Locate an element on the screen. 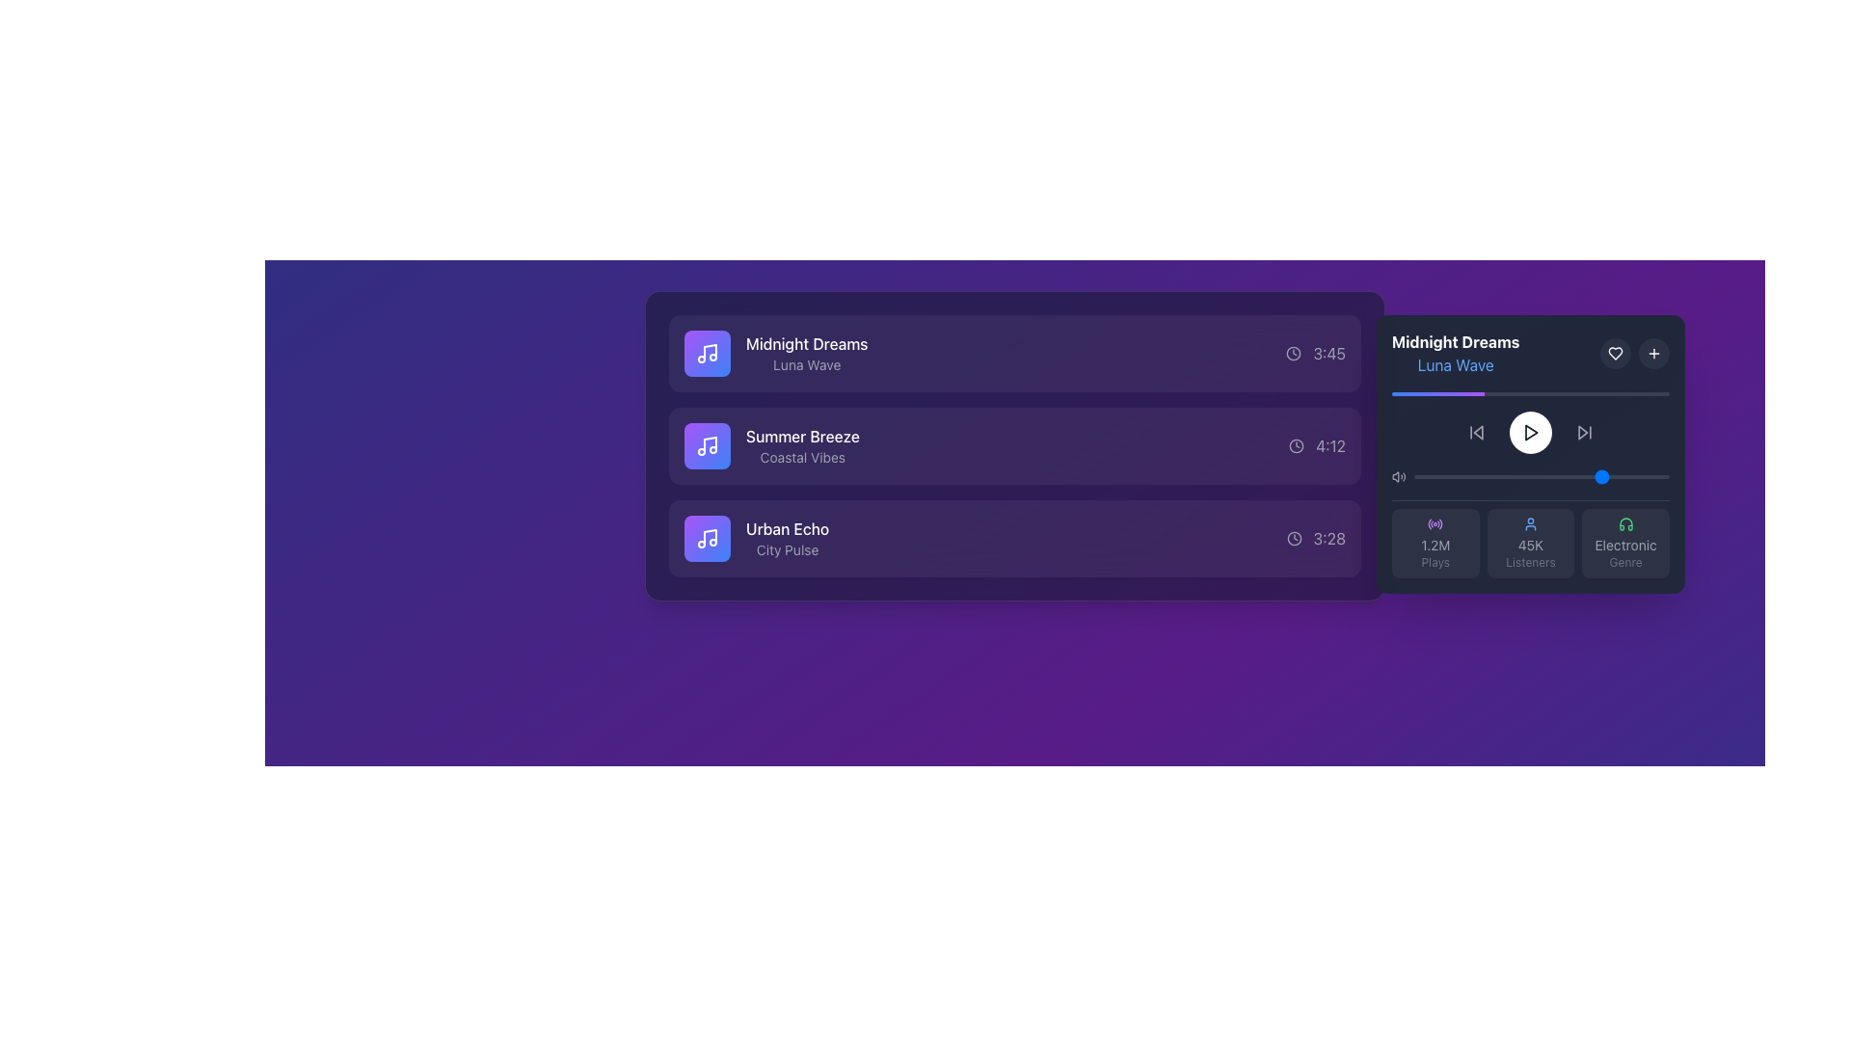  the time indicator text that represents the duration of the audio item 'Summer Breeze', located to the right of the 'Summer Breeze' text and horizontally aligned with a clock icon is located at coordinates (1329, 445).